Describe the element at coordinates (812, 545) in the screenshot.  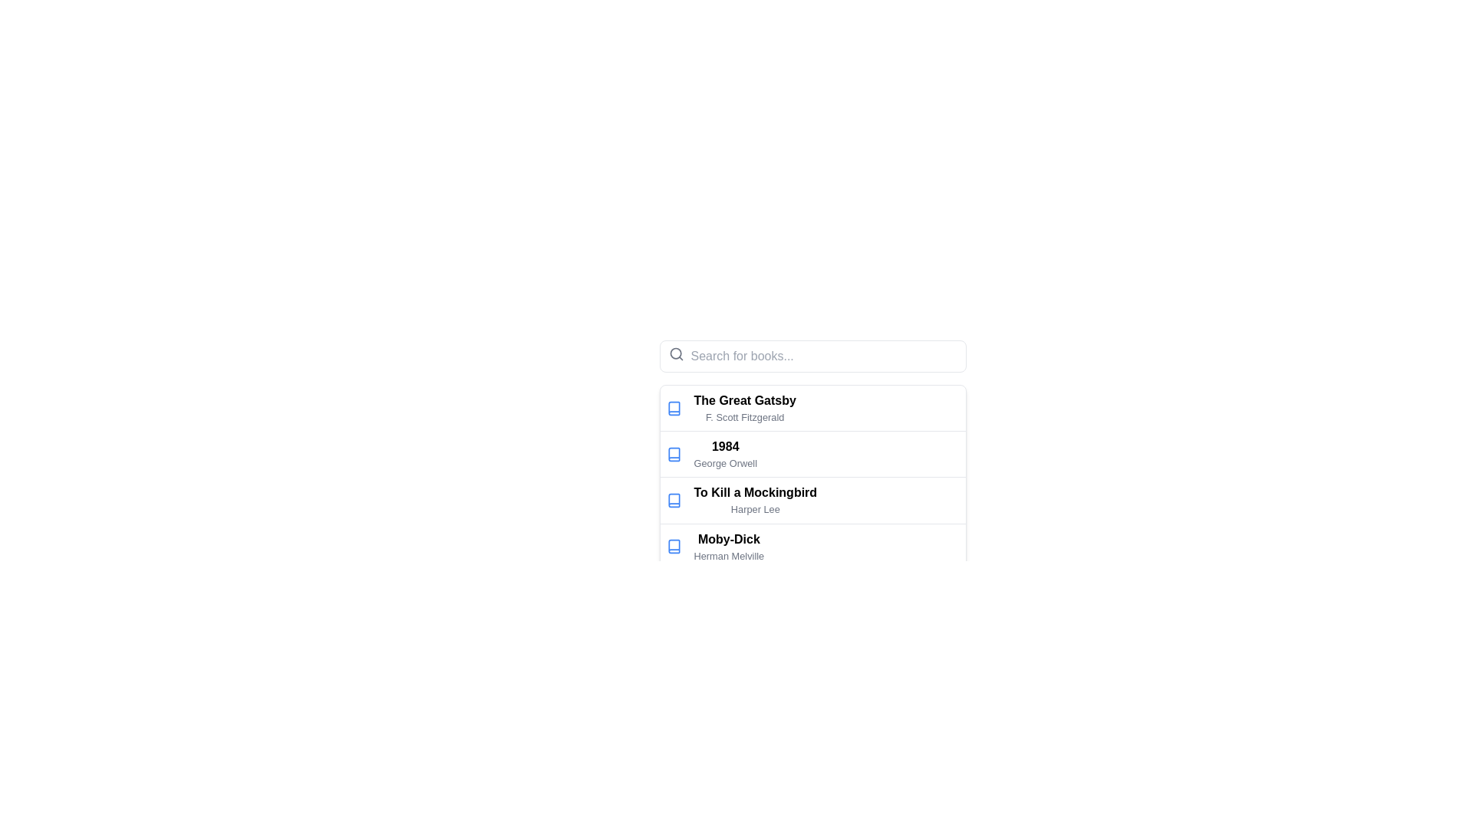
I see `the fourth list item representing the book 'Moby-Dick'` at that location.